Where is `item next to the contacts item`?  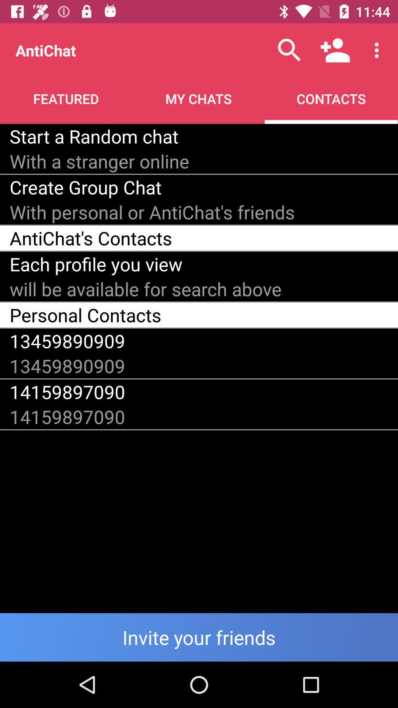 item next to the contacts item is located at coordinates (94, 136).